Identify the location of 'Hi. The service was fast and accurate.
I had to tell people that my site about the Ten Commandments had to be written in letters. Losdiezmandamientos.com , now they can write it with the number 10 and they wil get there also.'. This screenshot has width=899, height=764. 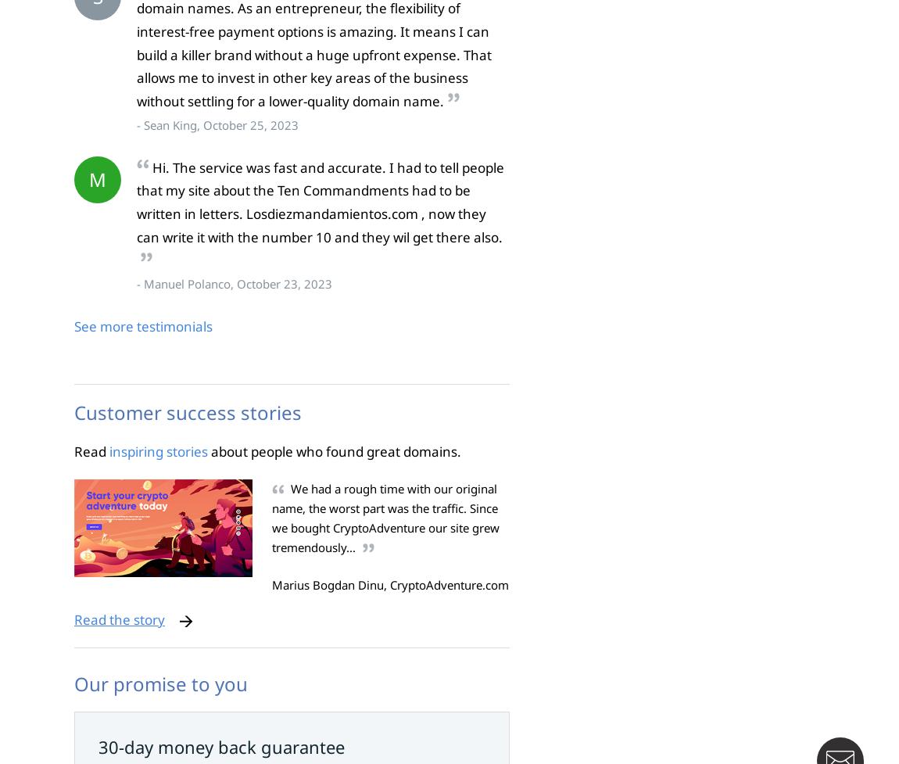
(320, 201).